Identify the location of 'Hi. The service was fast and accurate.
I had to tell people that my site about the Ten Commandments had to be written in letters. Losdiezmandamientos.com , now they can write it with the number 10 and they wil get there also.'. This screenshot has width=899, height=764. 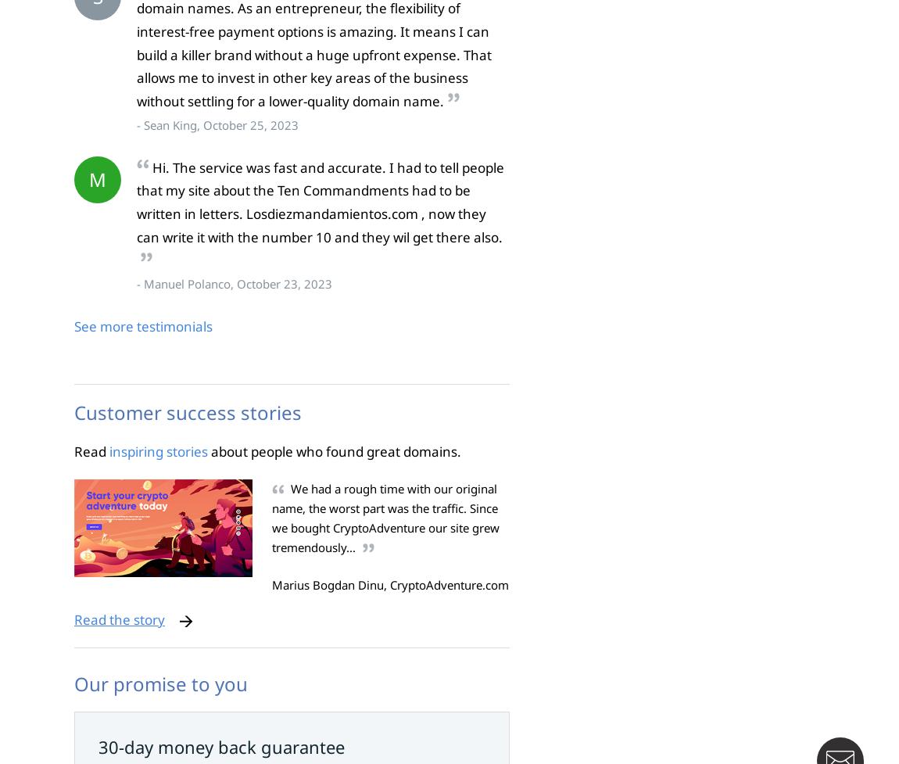
(320, 201).